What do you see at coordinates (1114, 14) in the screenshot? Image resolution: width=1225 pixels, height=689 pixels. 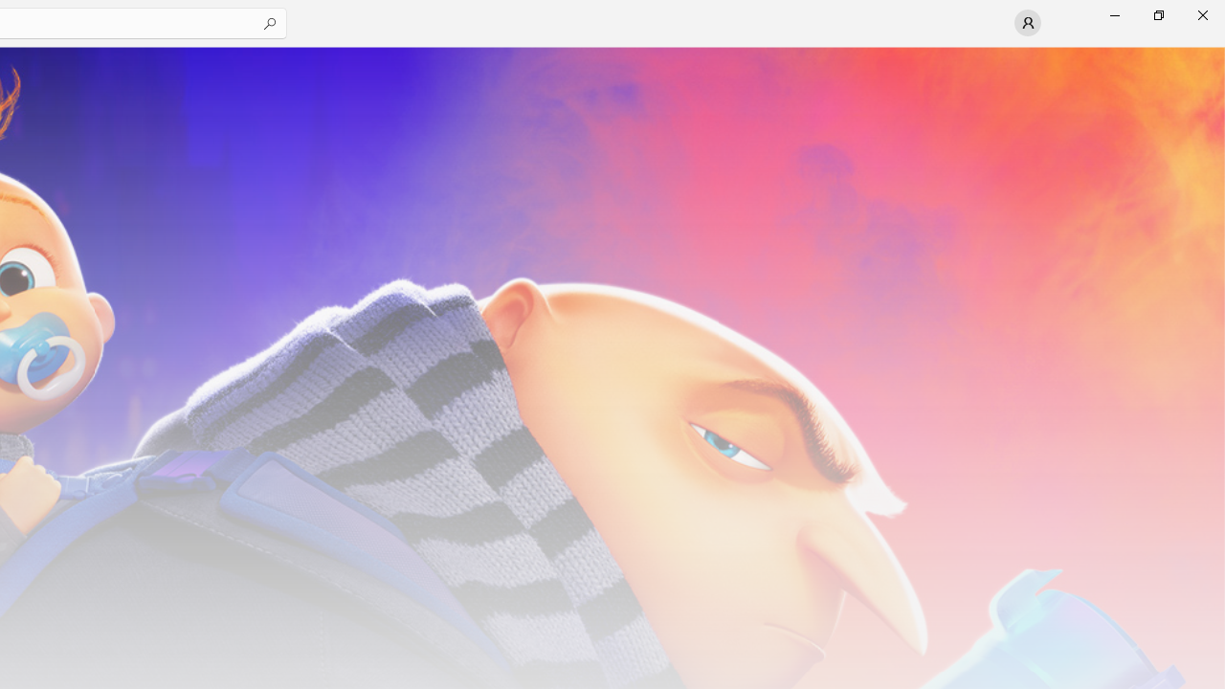 I see `'Minimize Microsoft Store'` at bounding box center [1114, 14].